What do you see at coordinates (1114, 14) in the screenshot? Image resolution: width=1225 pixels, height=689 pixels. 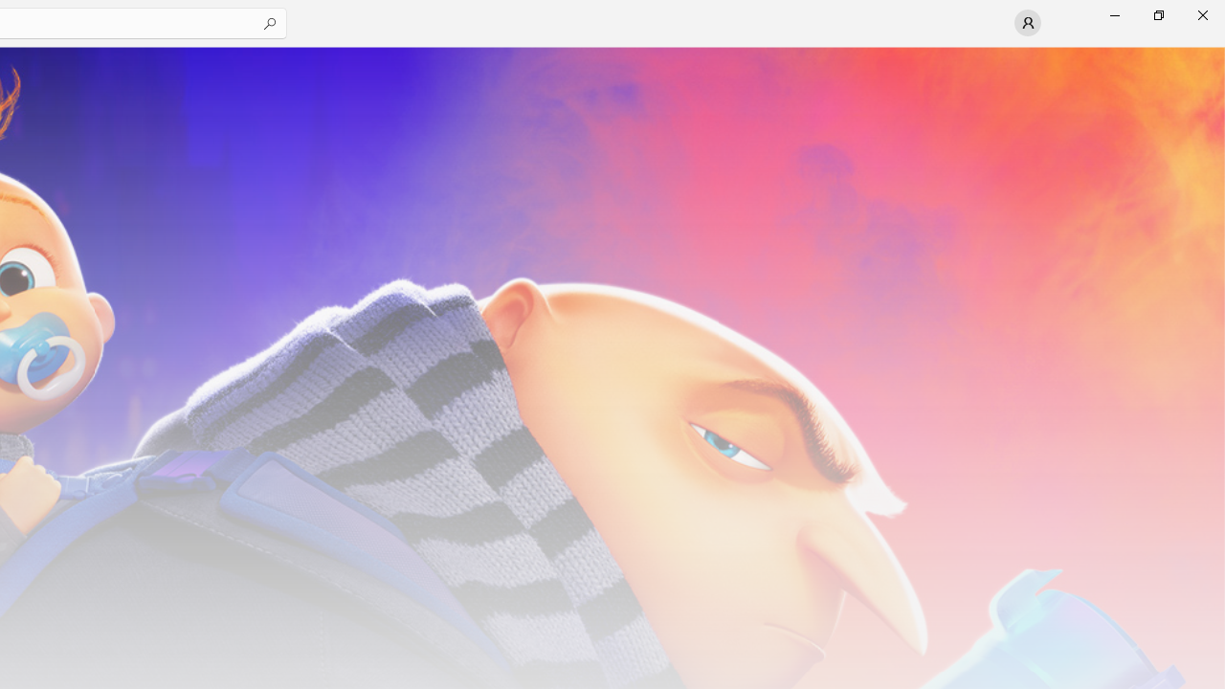 I see `'Minimize Microsoft Store'` at bounding box center [1114, 14].